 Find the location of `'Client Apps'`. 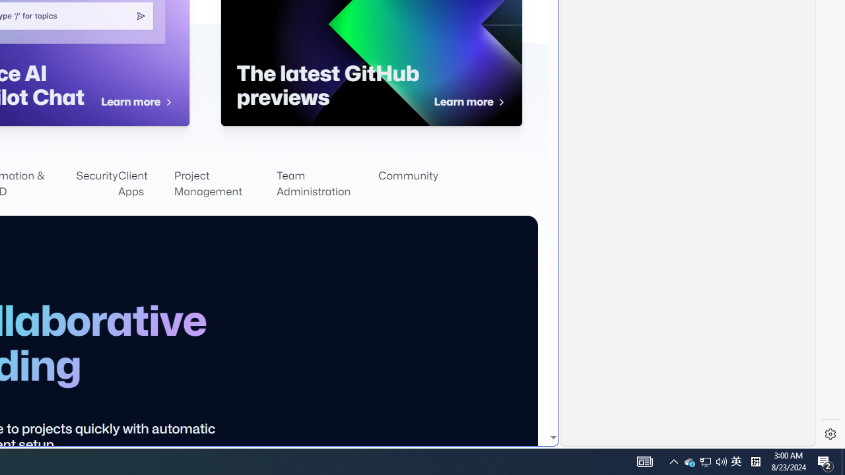

'Client Apps' is located at coordinates (145, 184).